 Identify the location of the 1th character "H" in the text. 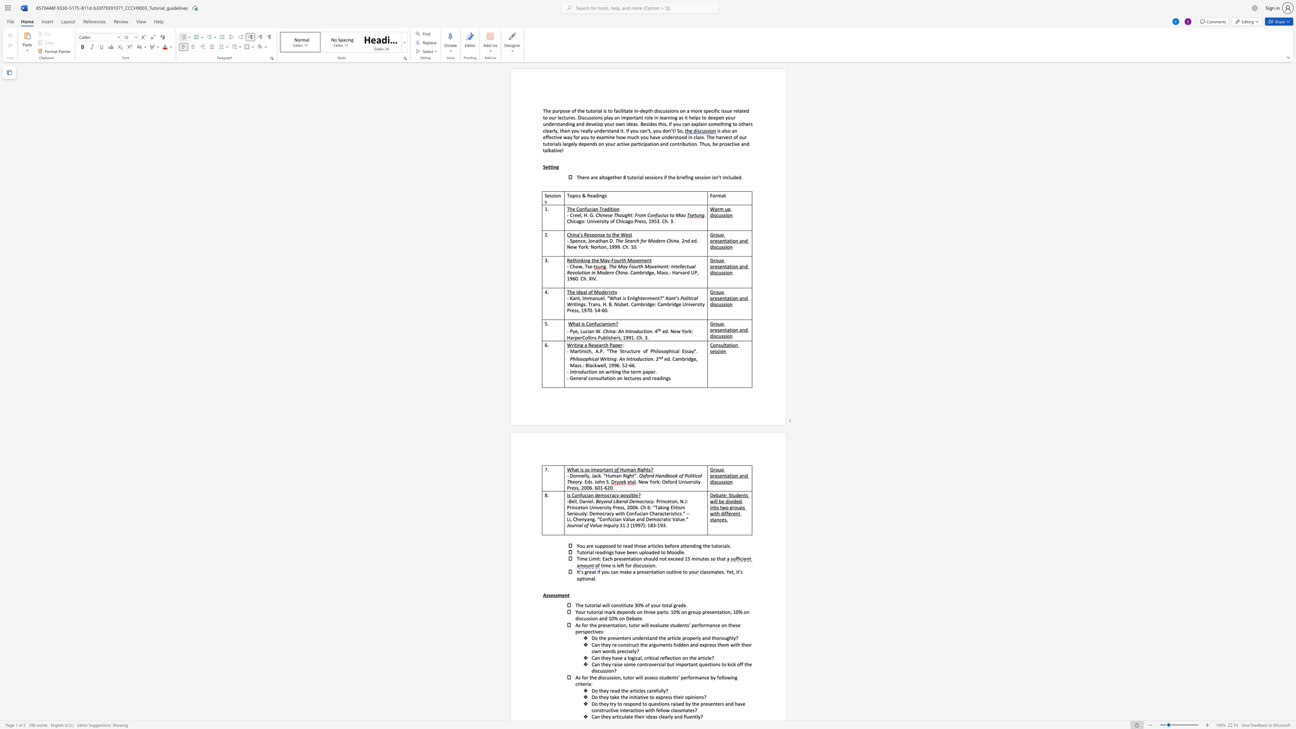
(585, 214).